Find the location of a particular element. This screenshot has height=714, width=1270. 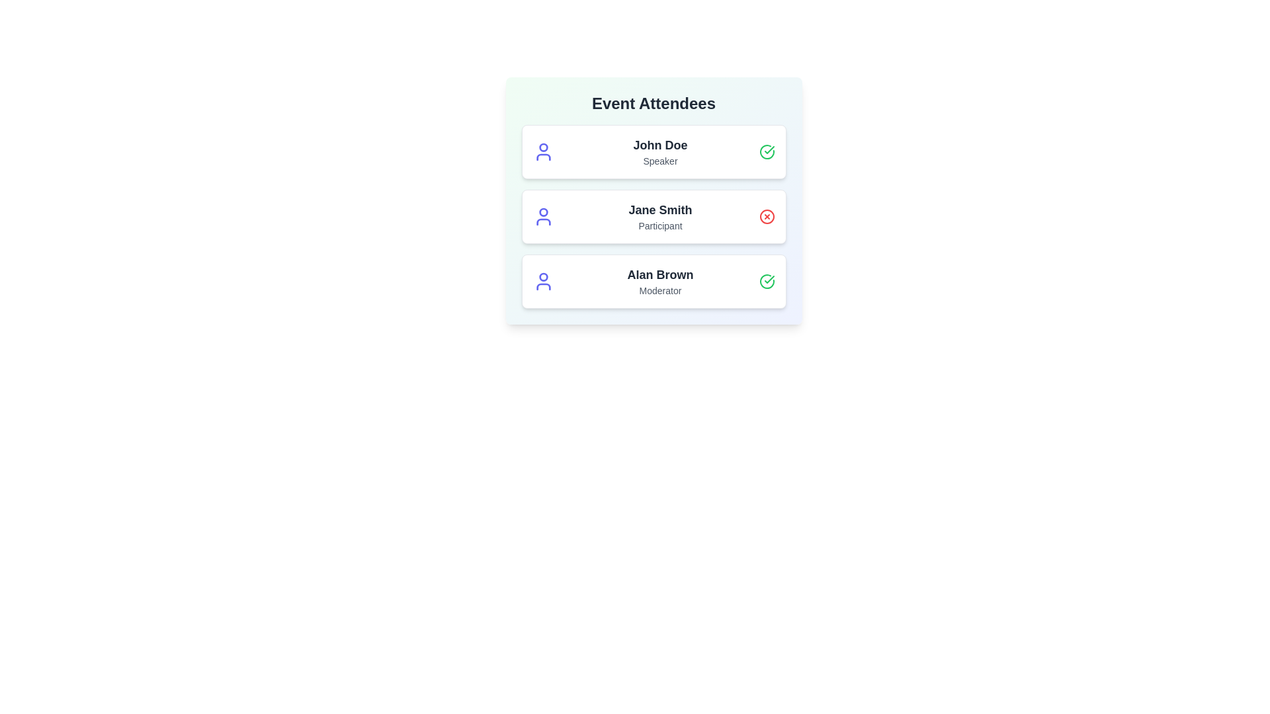

the role label to filter attendees by Moderator is located at coordinates (660, 290).